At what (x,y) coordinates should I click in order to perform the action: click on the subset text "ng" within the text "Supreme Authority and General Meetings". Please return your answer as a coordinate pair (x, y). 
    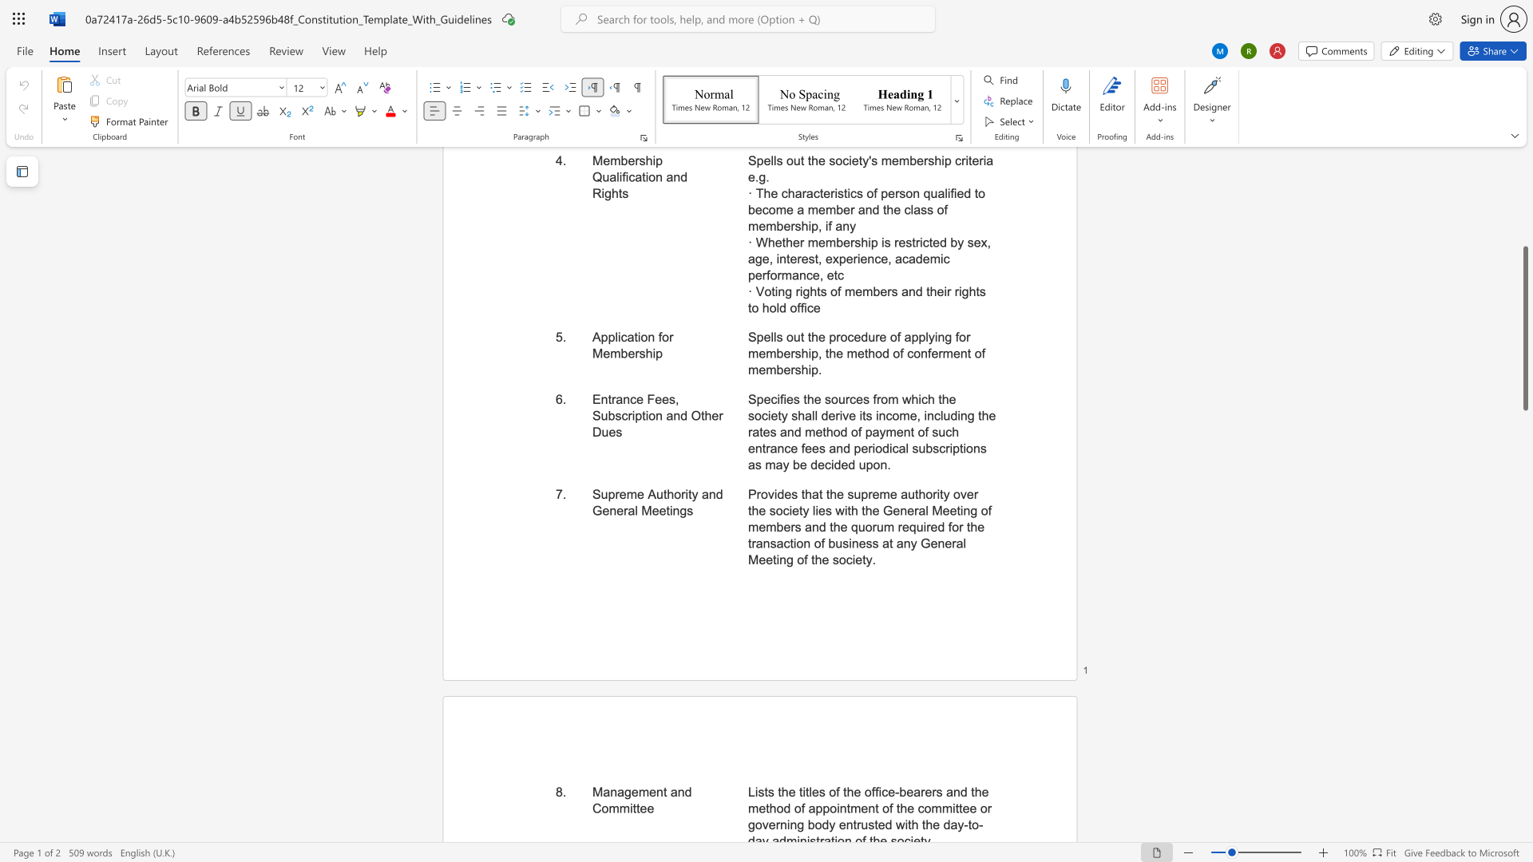
    Looking at the image, I should click on (672, 511).